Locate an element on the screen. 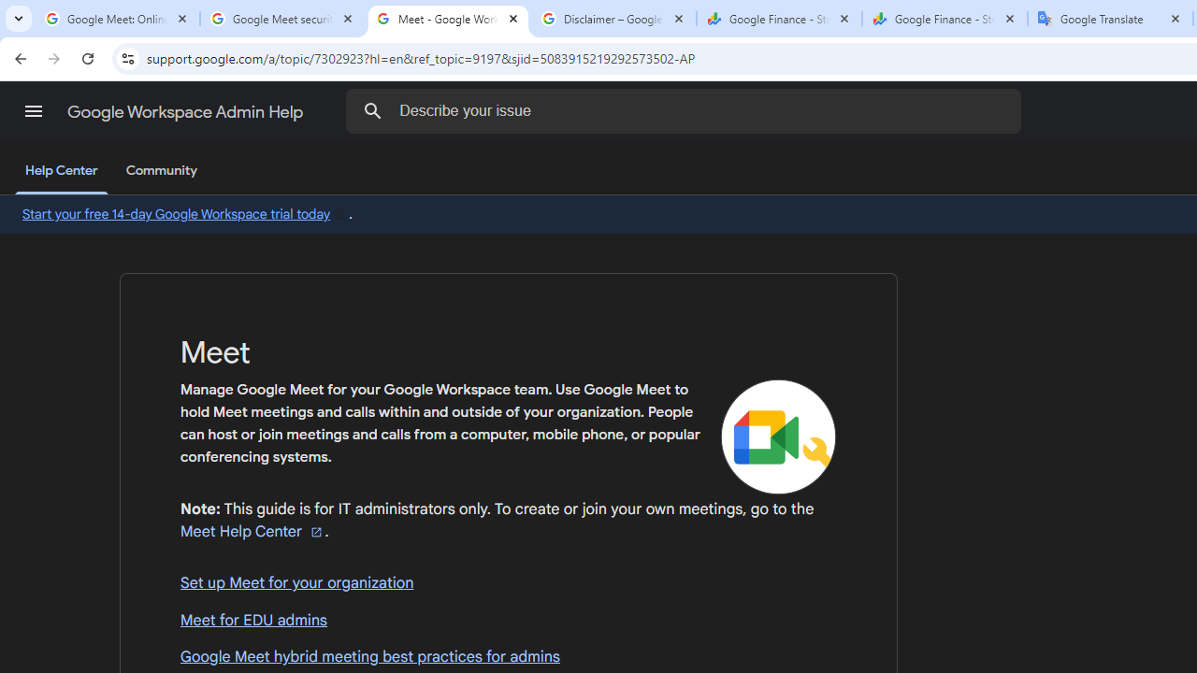 This screenshot has width=1197, height=673. 'Google Workspace Admin Help' is located at coordinates (187, 111).